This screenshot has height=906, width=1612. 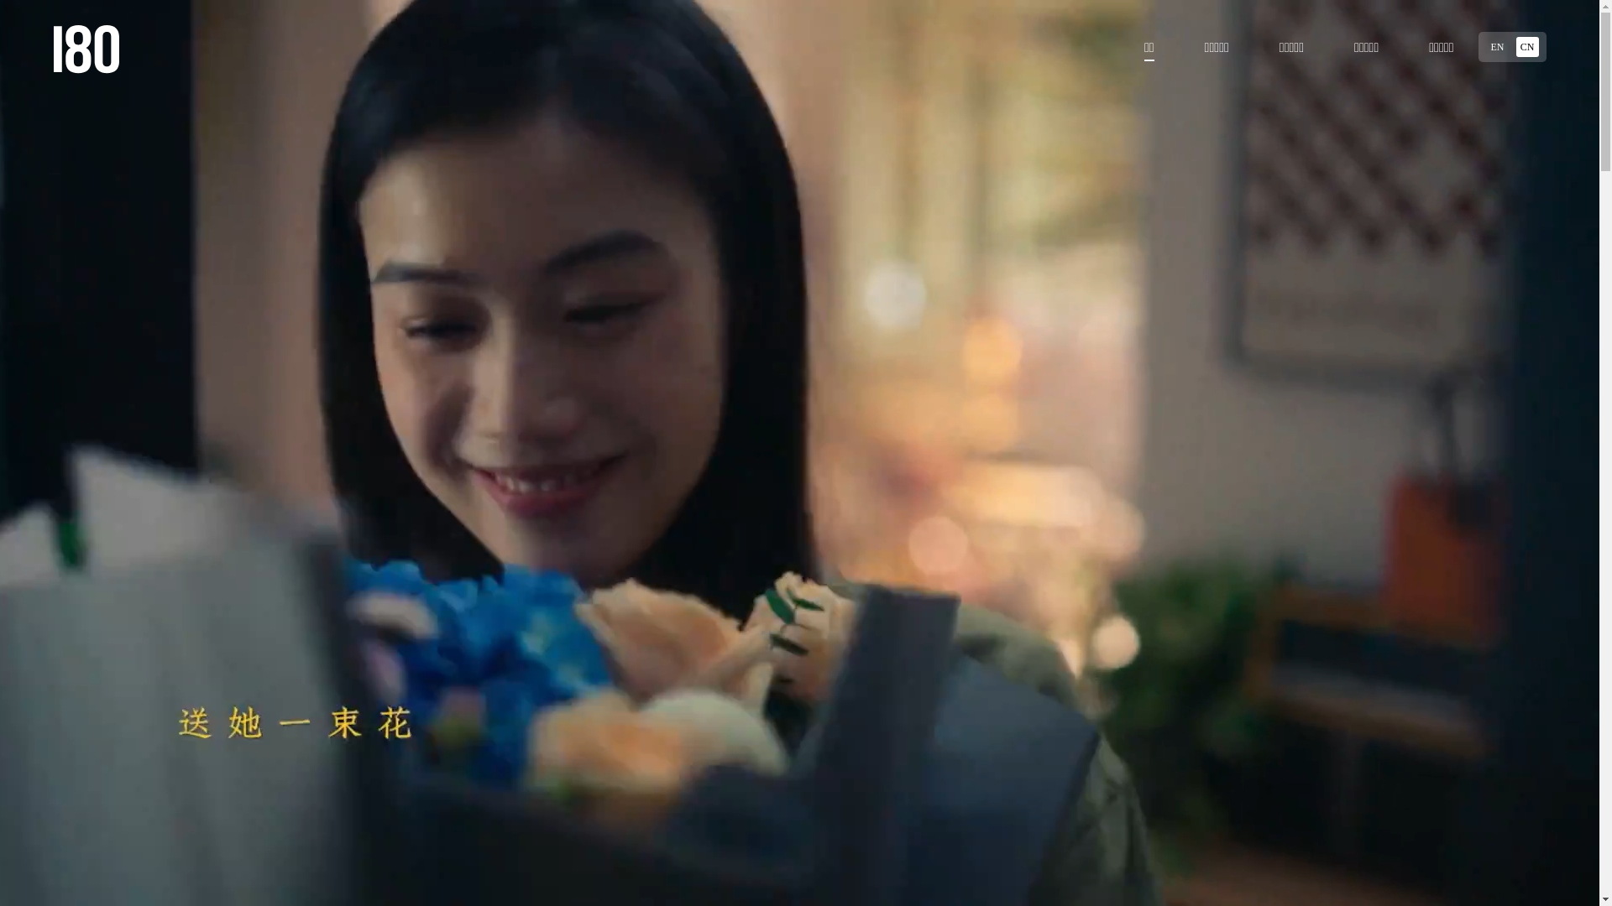 What do you see at coordinates (1527, 46) in the screenshot?
I see `'CN'` at bounding box center [1527, 46].